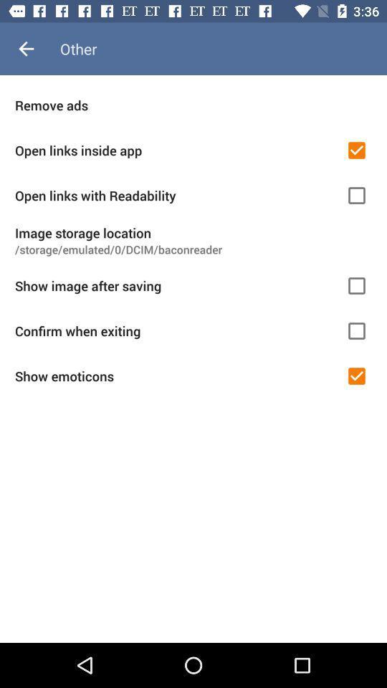 Image resolution: width=387 pixels, height=688 pixels. I want to click on storage emulated 0, so click(193, 249).